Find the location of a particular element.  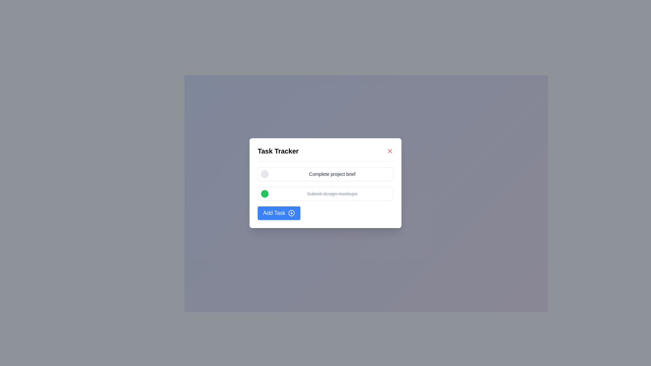

the red, cross-shaped close button located in the upper-right corner of the 'Task Tracker' box is located at coordinates (390, 150).